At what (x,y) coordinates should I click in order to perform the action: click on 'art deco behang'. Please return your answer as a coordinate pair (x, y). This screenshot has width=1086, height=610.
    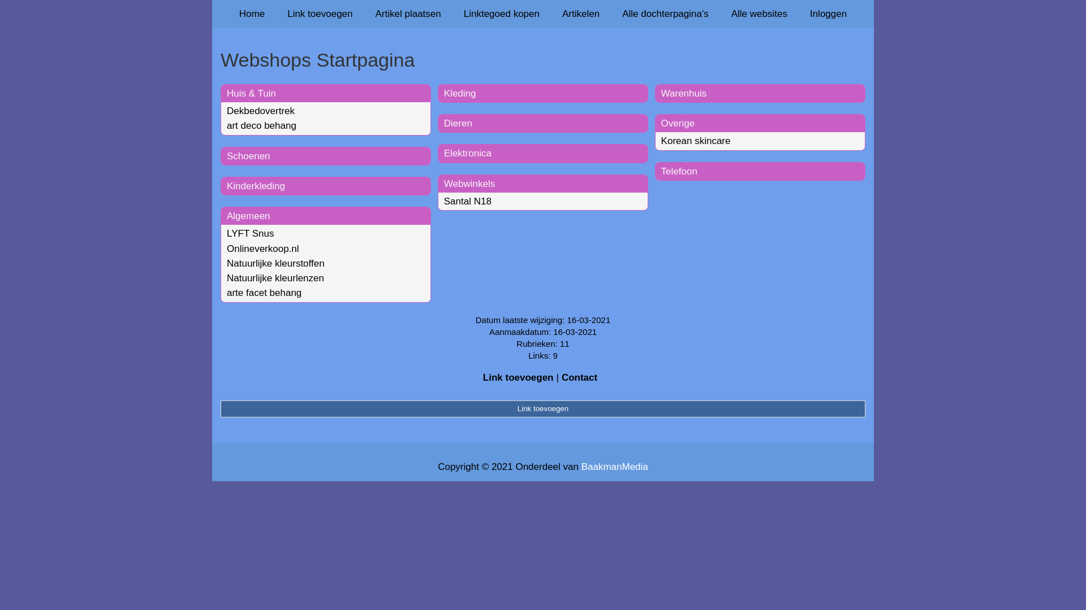
    Looking at the image, I should click on (261, 125).